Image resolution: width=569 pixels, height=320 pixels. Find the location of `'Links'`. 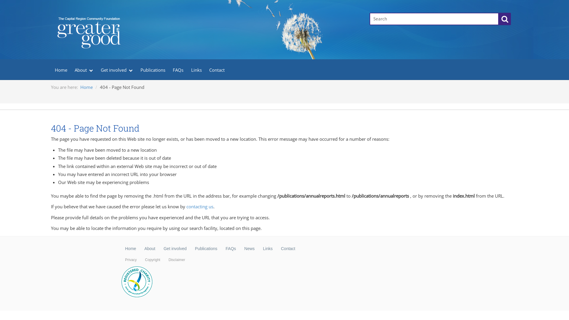

'Links' is located at coordinates (187, 69).